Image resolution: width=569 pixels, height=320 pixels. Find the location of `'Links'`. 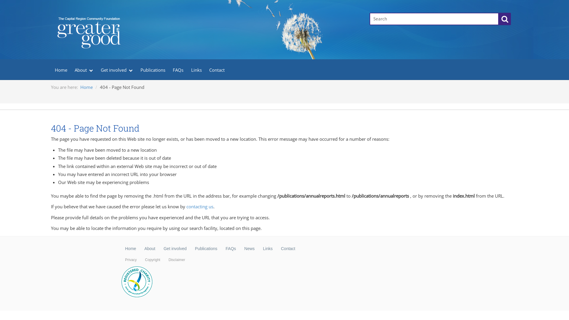

'Links' is located at coordinates (187, 69).